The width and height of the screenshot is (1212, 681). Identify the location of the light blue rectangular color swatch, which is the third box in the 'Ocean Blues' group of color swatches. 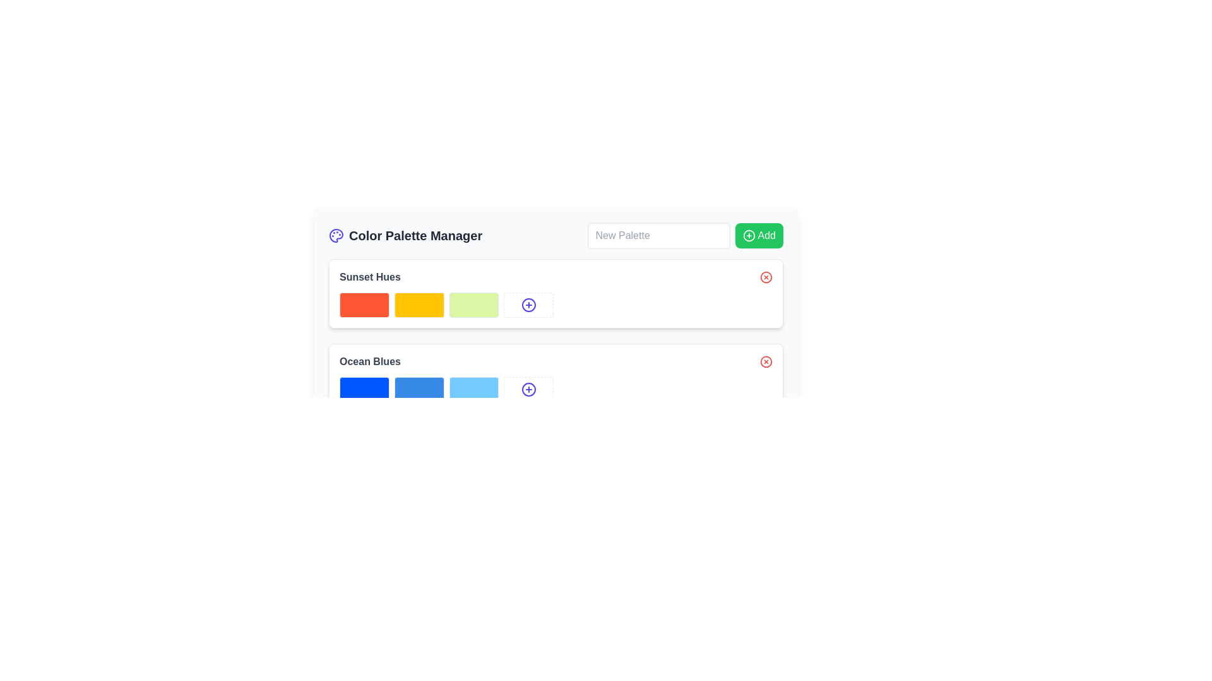
(473, 388).